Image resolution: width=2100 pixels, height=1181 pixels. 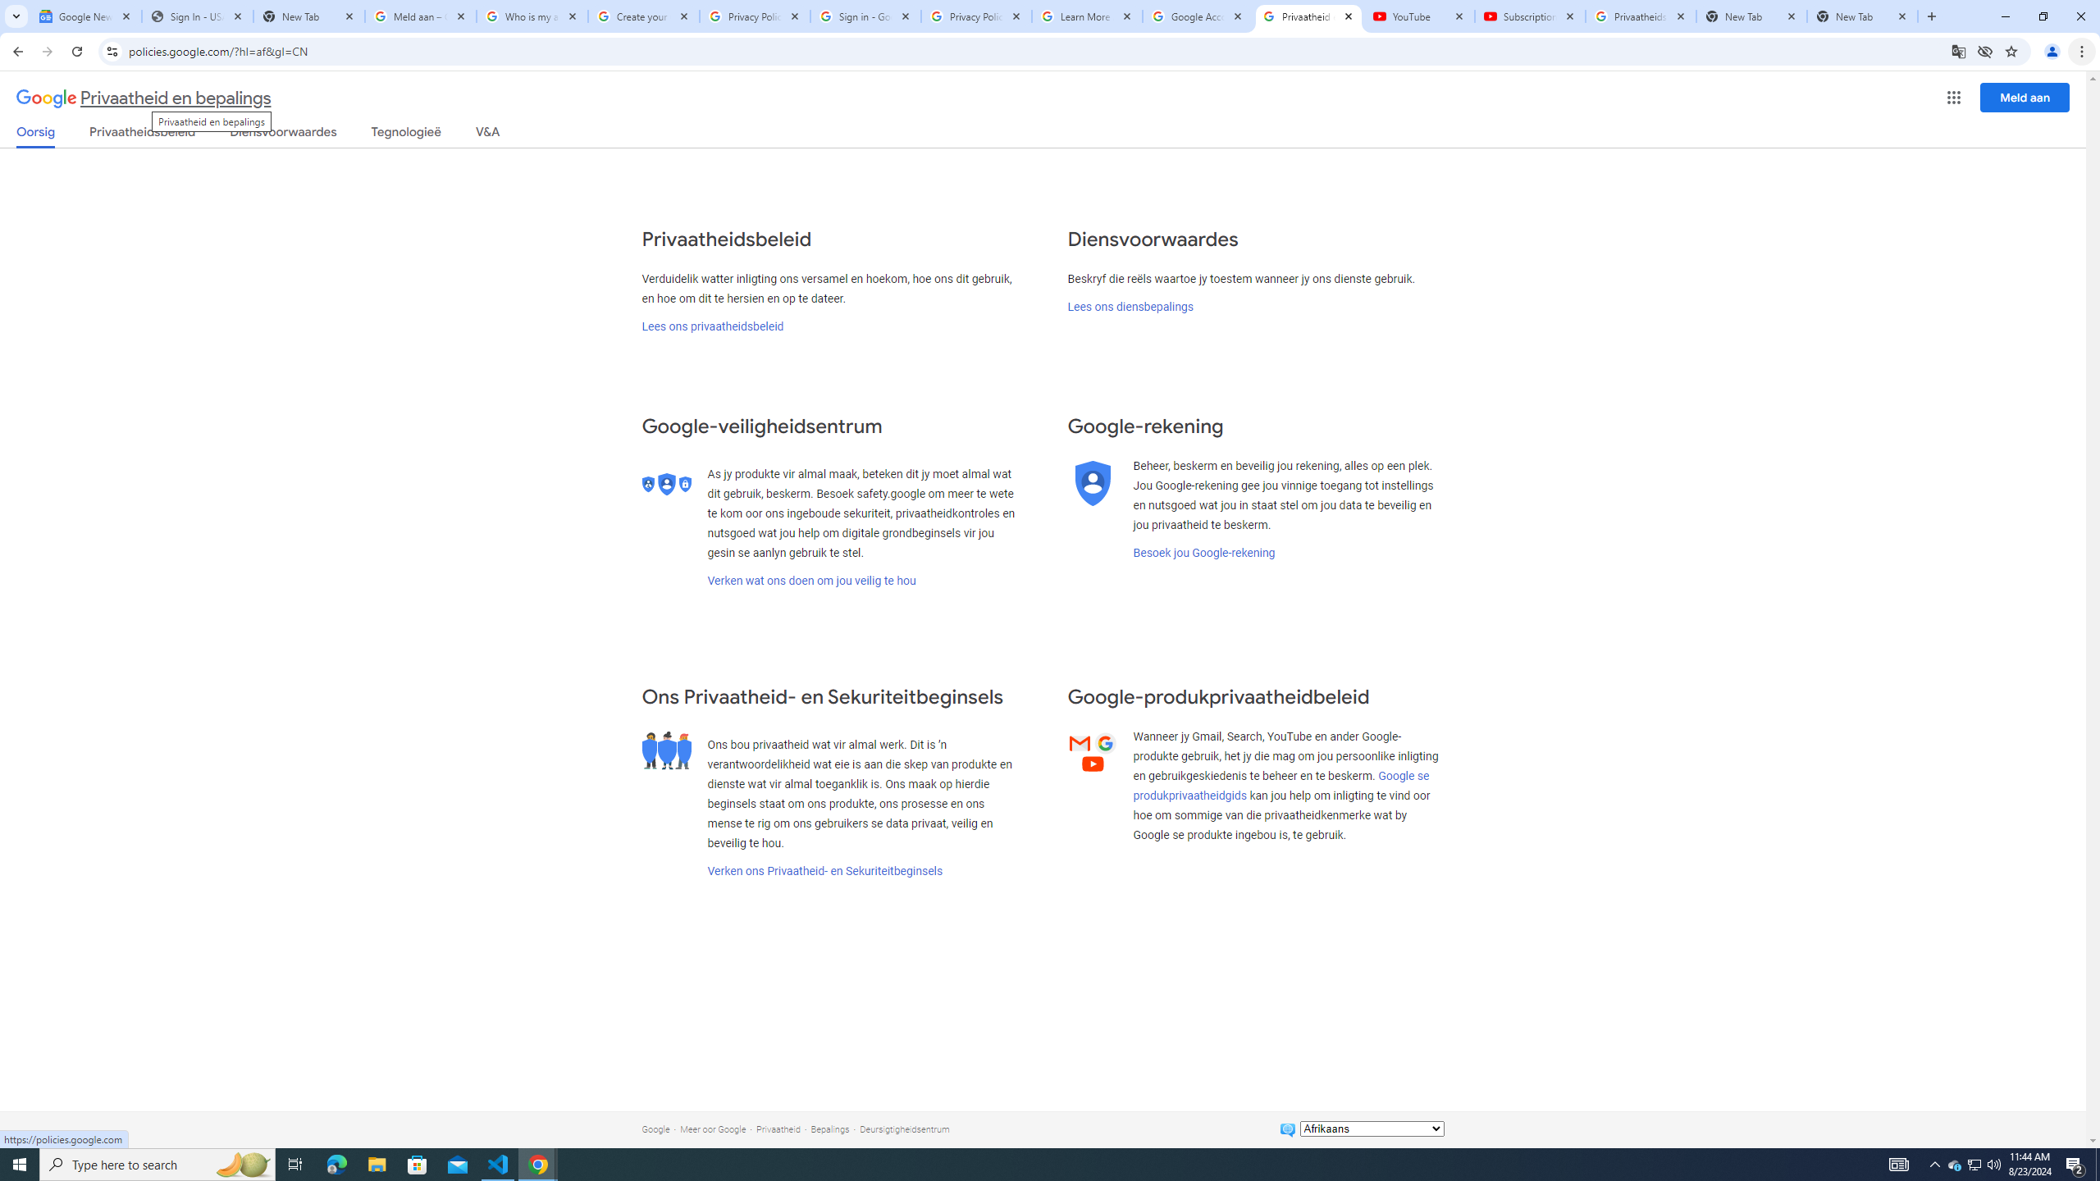 What do you see at coordinates (1281, 785) in the screenshot?
I see `'Google se produkprivaatheidgids'` at bounding box center [1281, 785].